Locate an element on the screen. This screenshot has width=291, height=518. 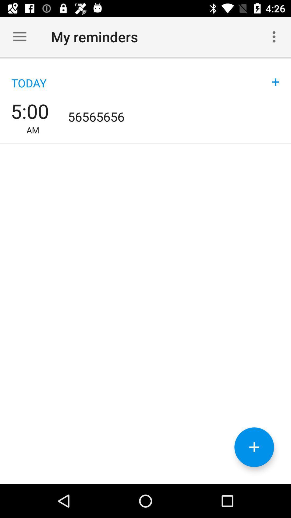
the add icon is located at coordinates (254, 447).